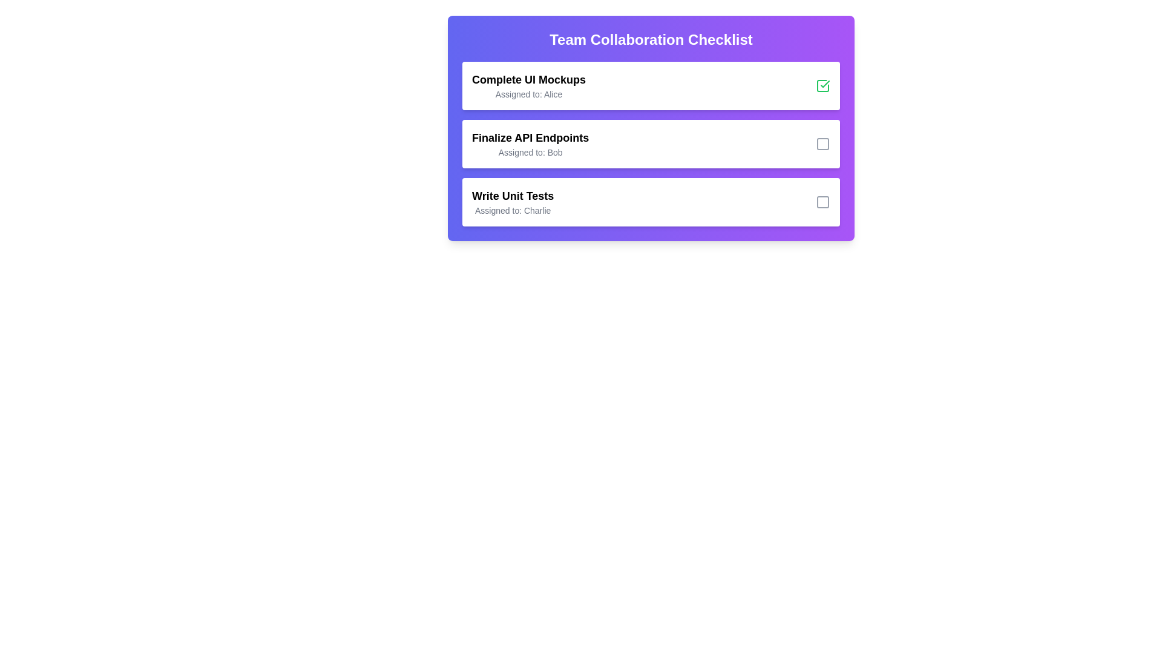  Describe the element at coordinates (528, 93) in the screenshot. I see `the text label that displays 'Assigned to: Alice', which is styled in light gray and positioned below the heading 'Complete UI Mockups' in the first checklist item` at that location.